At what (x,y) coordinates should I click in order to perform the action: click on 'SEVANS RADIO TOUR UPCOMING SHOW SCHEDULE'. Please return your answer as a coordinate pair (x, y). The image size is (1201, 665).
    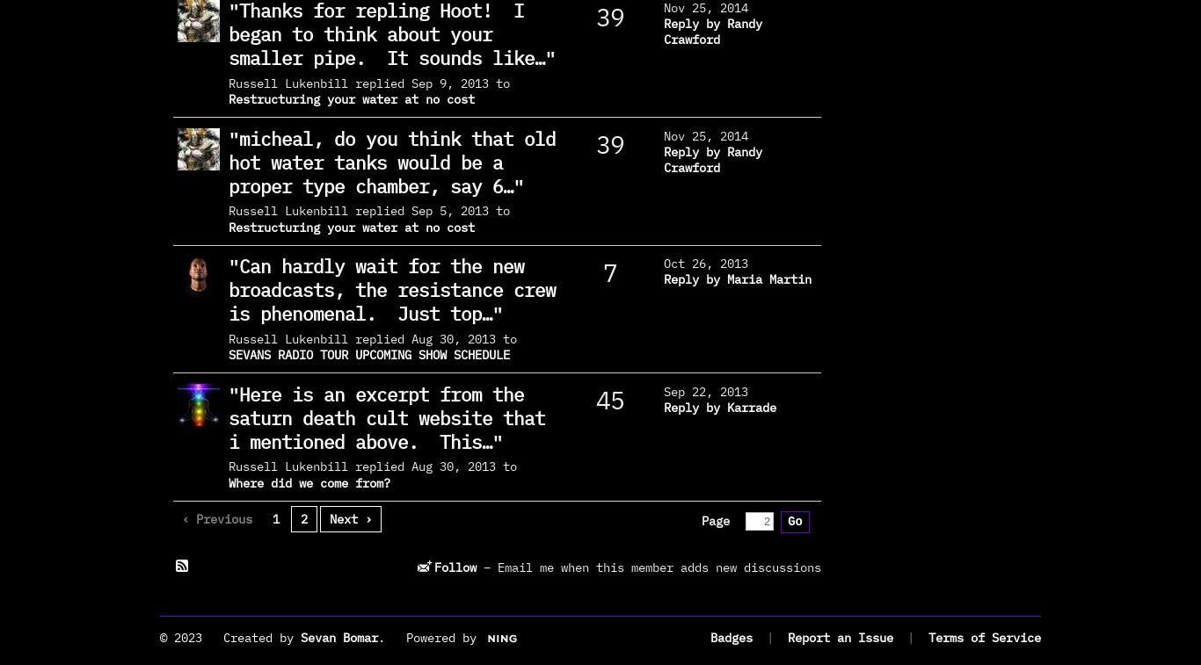
    Looking at the image, I should click on (228, 355).